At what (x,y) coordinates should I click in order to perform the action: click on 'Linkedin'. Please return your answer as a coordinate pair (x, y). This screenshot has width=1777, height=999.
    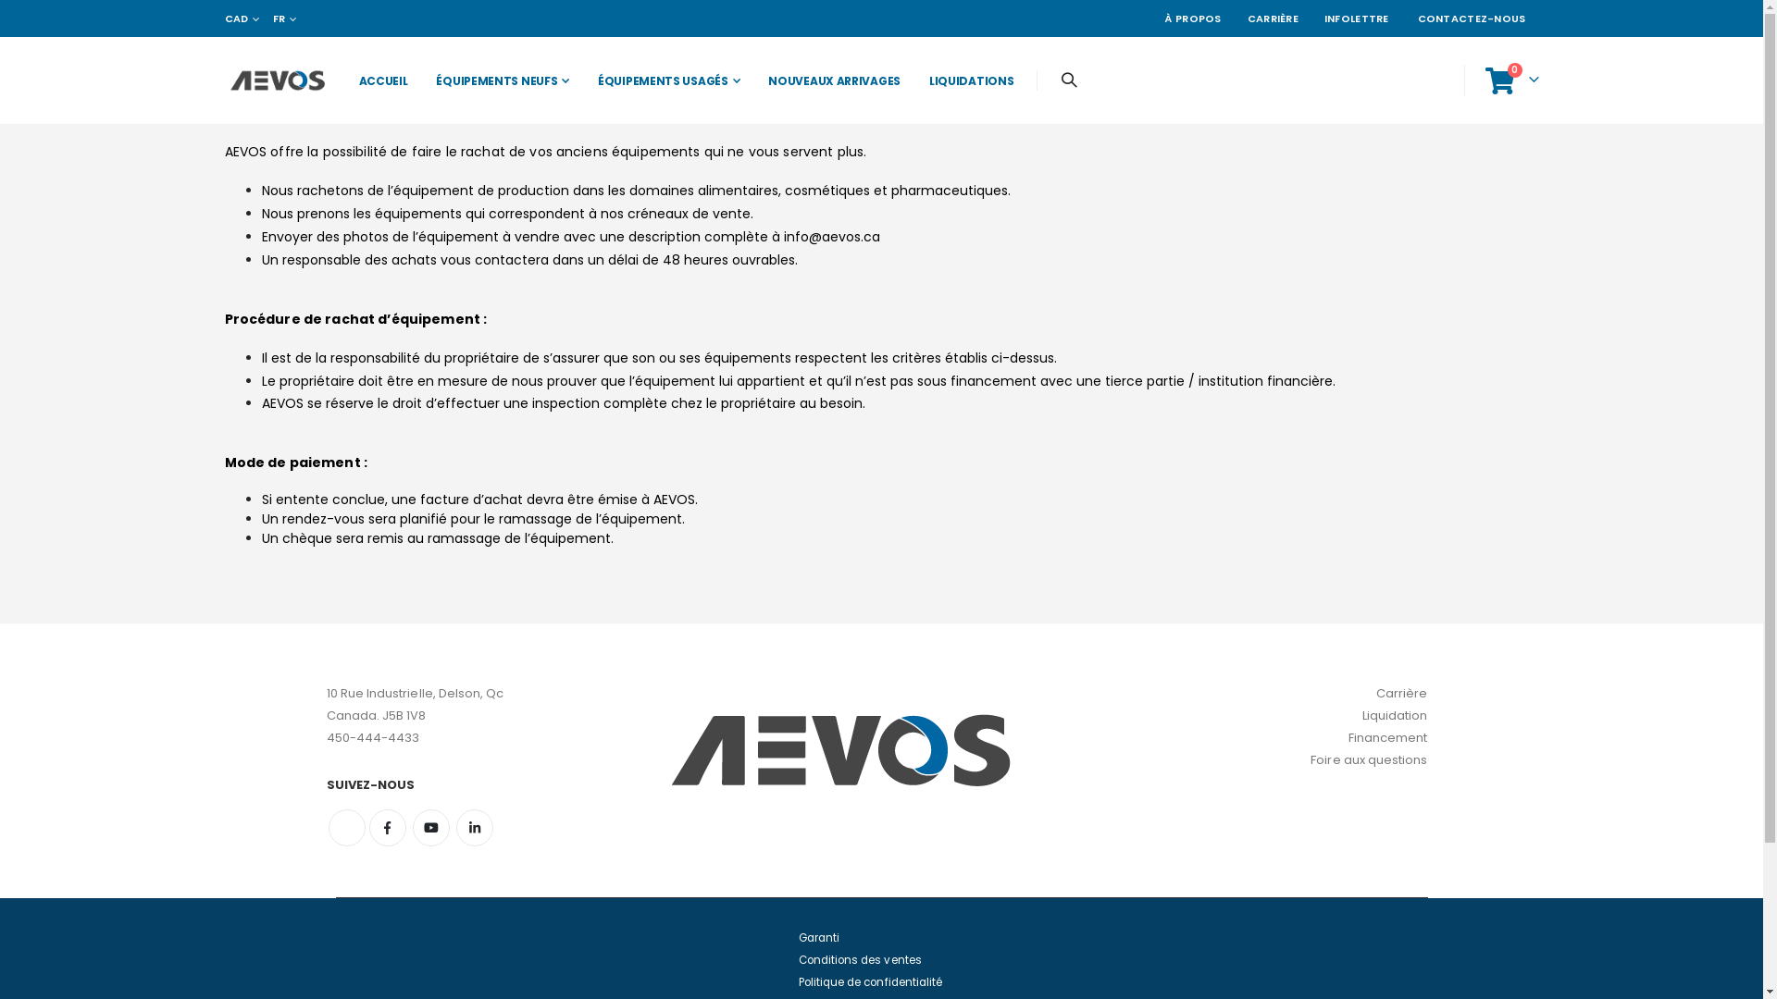
    Looking at the image, I should click on (475, 826).